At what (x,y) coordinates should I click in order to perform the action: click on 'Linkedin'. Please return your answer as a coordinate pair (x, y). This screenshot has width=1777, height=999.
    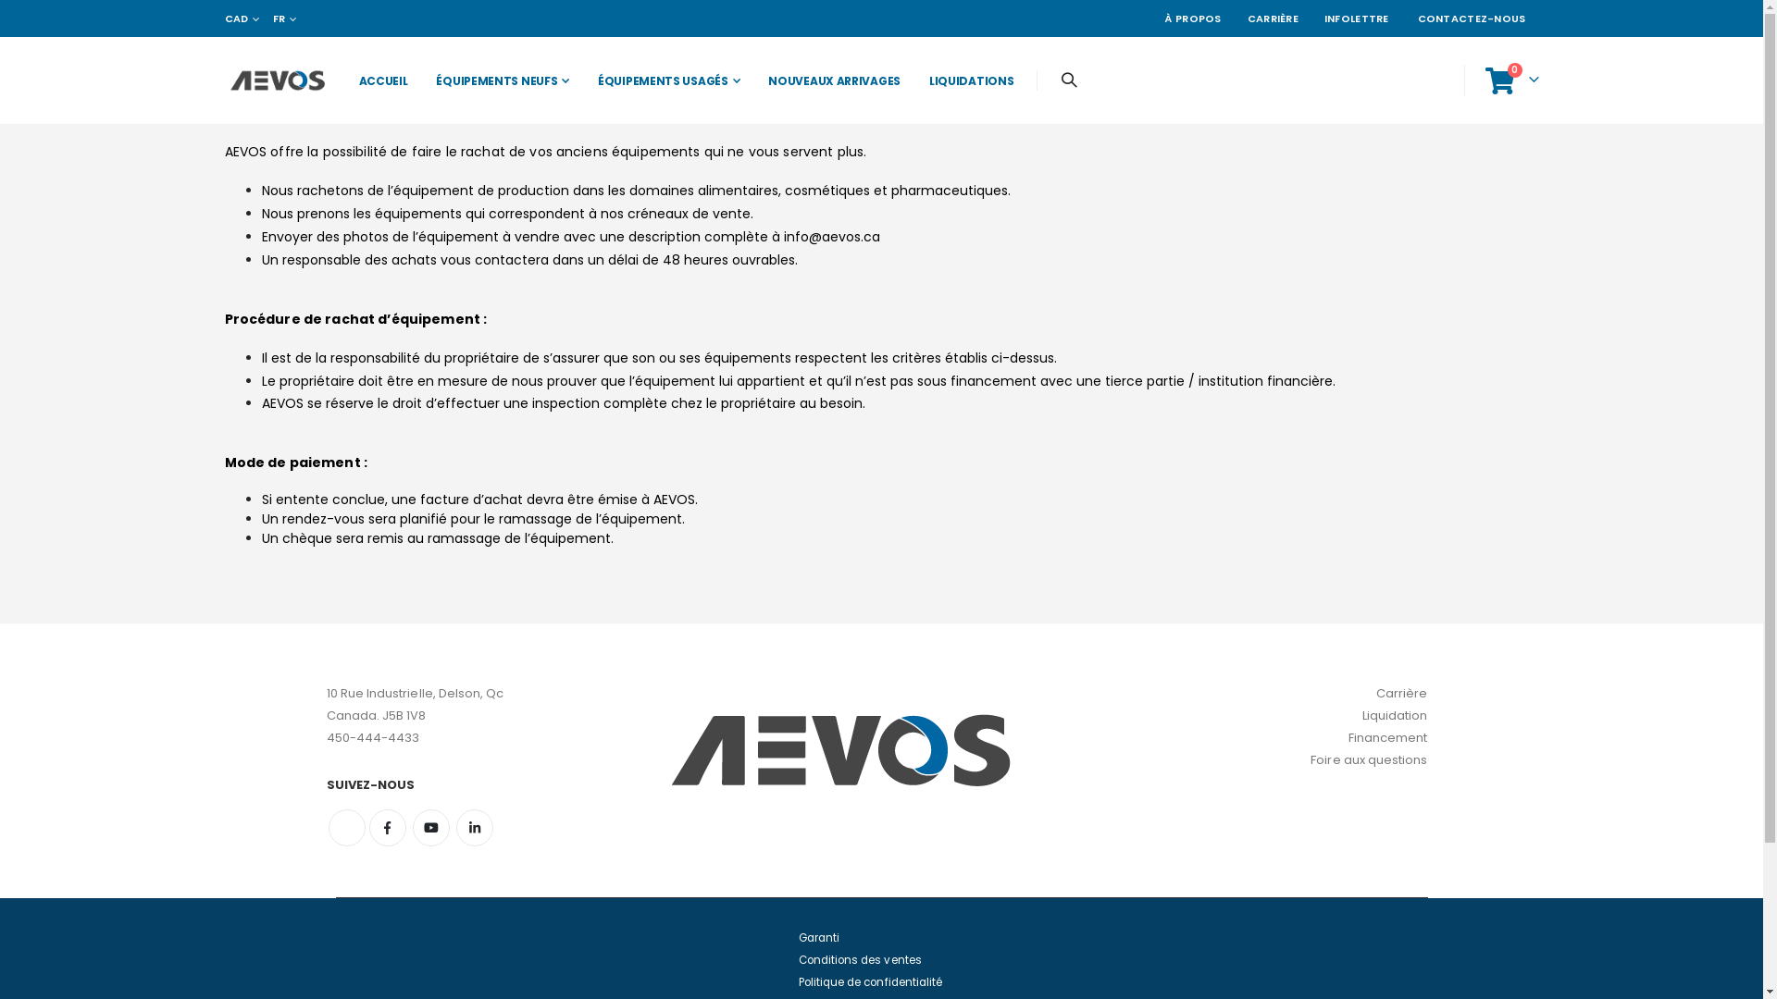
    Looking at the image, I should click on (475, 826).